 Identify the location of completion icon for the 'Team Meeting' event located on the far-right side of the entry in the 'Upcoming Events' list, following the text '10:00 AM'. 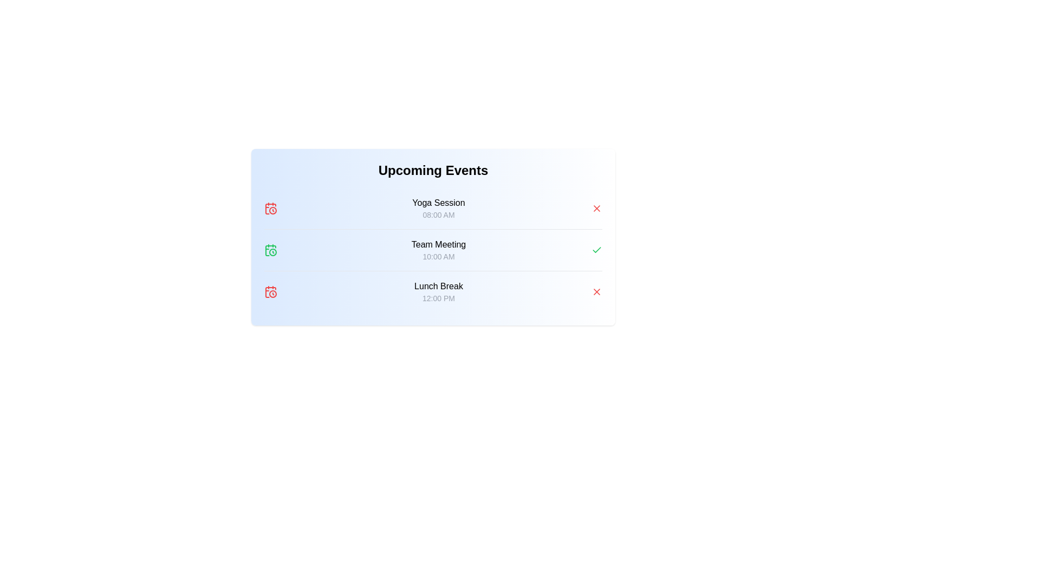
(596, 250).